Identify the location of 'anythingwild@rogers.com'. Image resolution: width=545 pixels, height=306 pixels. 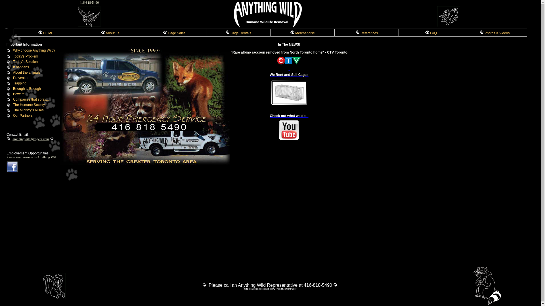
(30, 139).